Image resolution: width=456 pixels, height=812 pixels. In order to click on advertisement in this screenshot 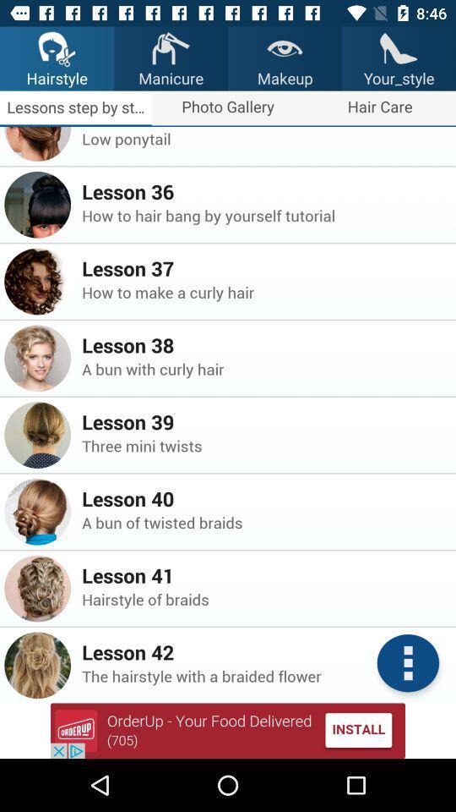, I will do `click(228, 730)`.